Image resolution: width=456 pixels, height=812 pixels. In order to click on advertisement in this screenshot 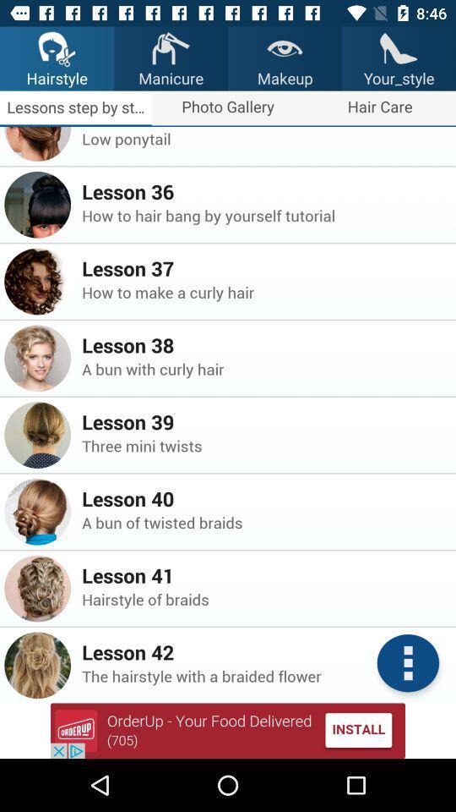, I will do `click(228, 730)`.